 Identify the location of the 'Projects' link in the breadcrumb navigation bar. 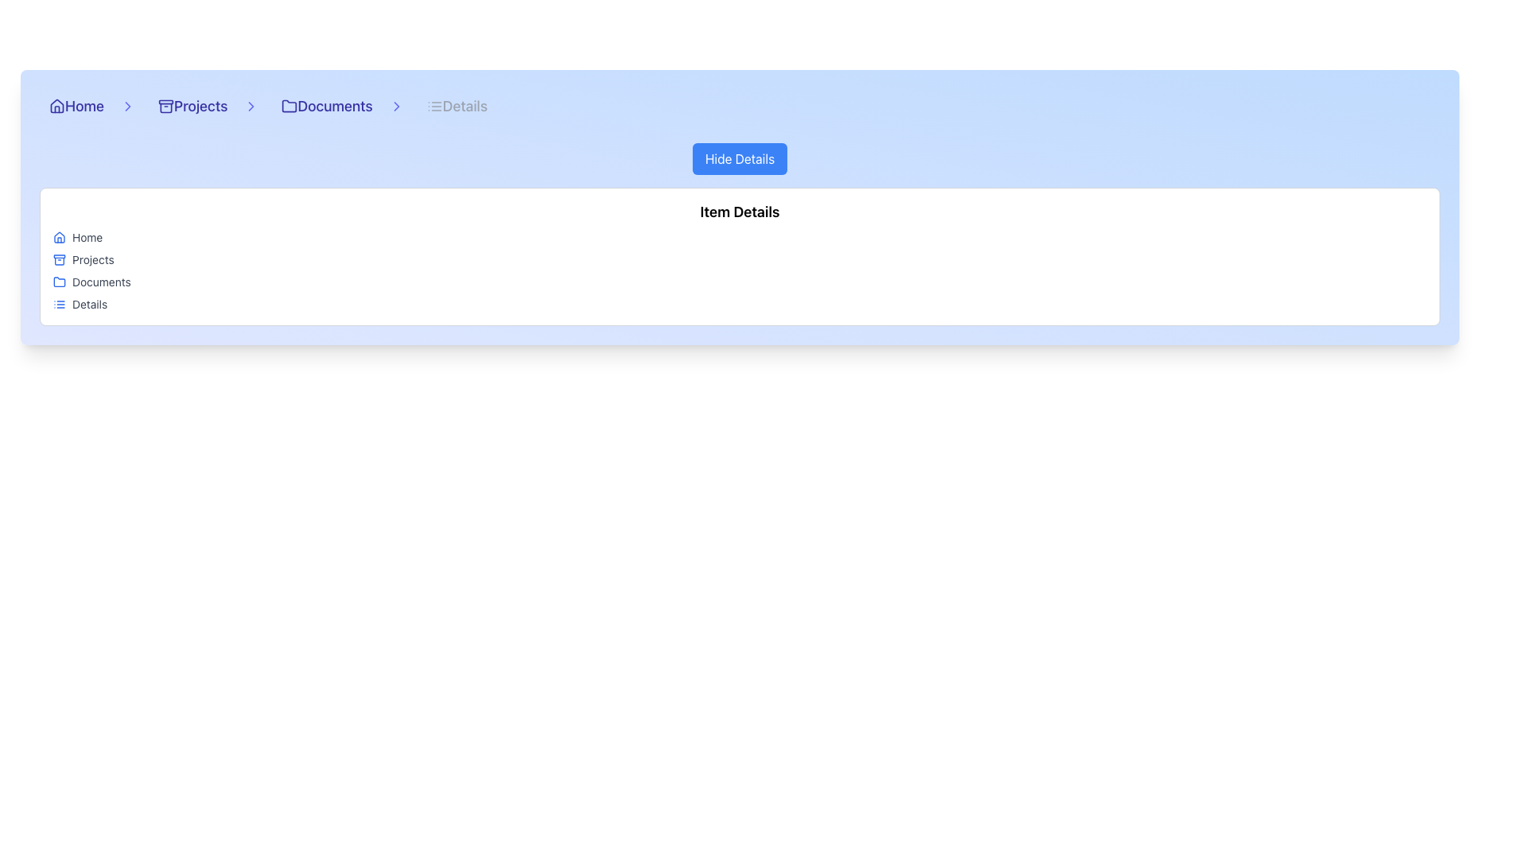
(192, 107).